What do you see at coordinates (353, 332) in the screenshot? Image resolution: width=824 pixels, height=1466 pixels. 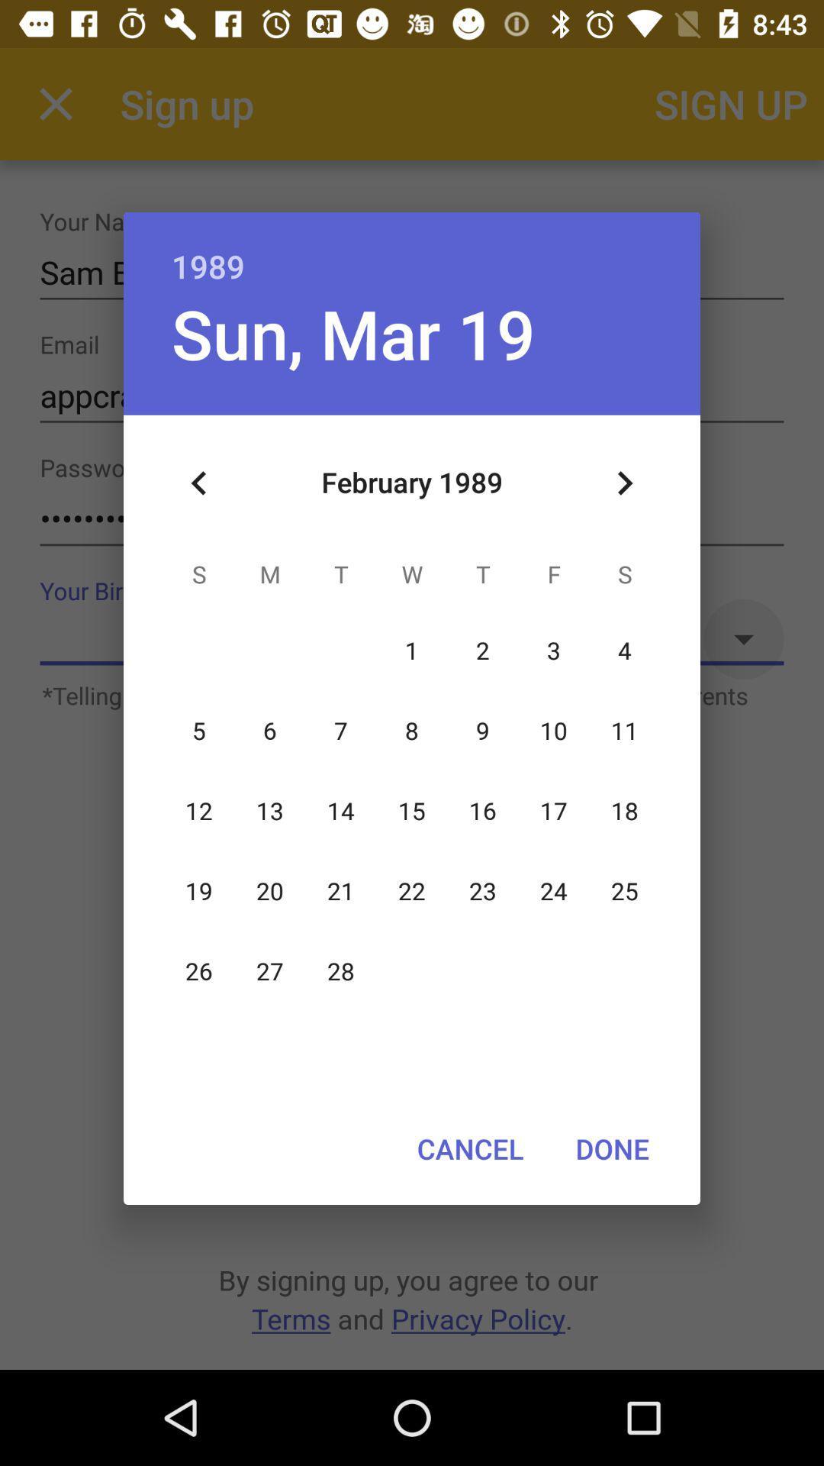 I see `sun, mar 19 item` at bounding box center [353, 332].